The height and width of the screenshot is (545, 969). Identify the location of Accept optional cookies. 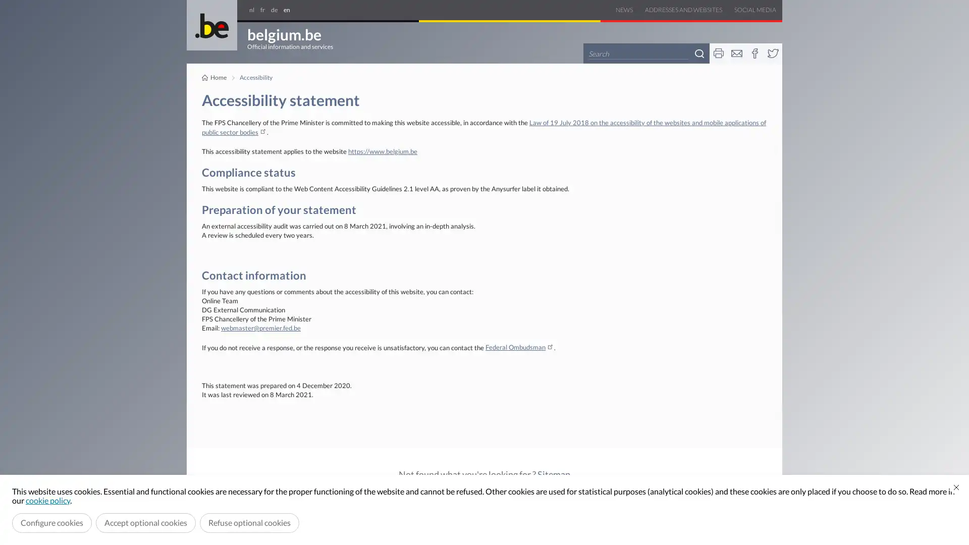
(145, 522).